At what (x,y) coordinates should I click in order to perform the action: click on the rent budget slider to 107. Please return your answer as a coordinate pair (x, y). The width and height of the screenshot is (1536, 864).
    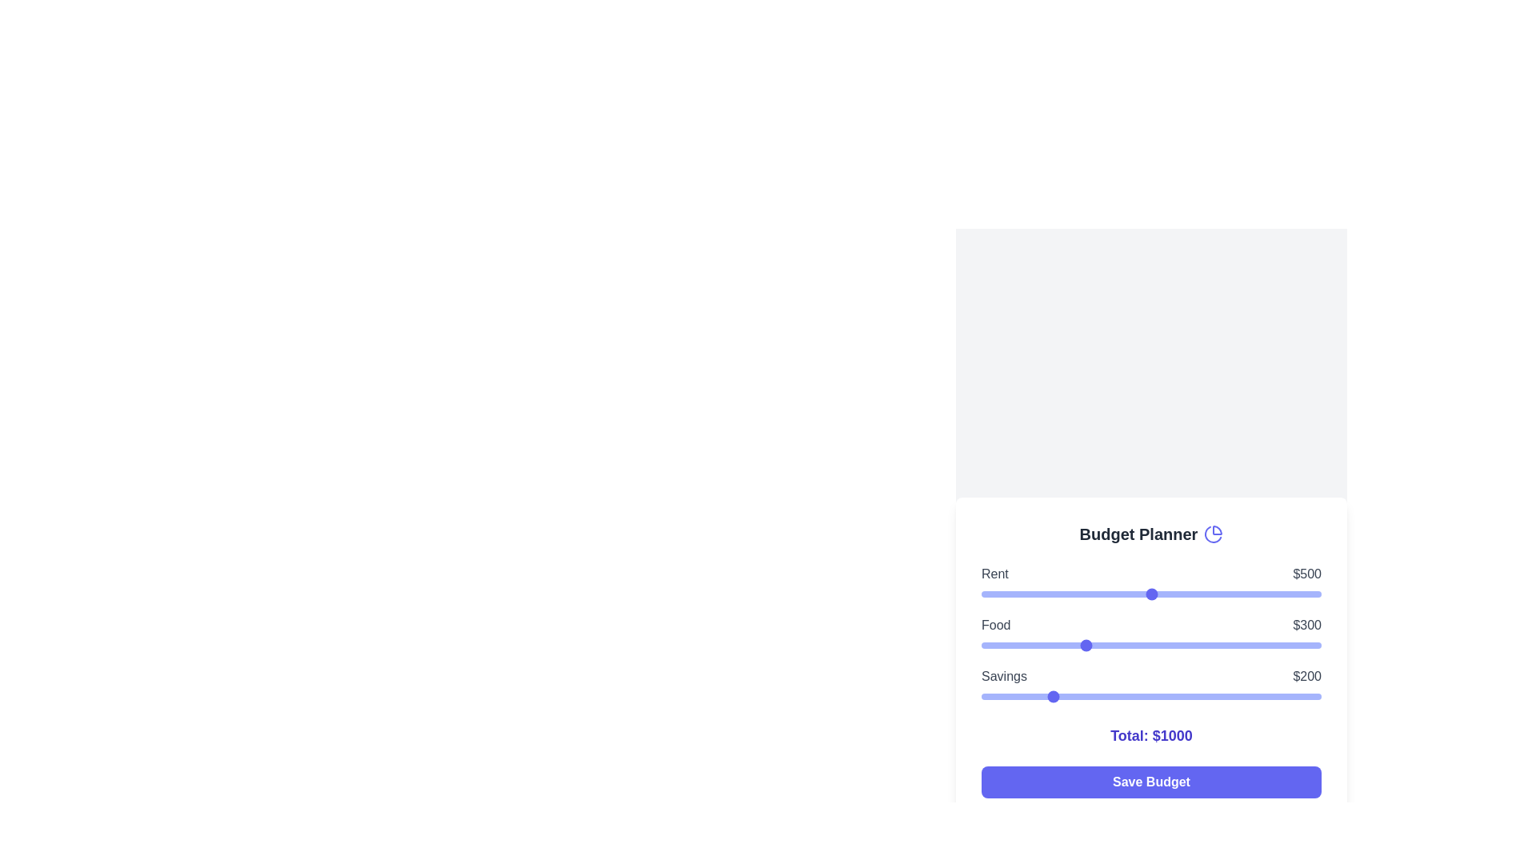
    Looking at the image, I should click on (1017, 594).